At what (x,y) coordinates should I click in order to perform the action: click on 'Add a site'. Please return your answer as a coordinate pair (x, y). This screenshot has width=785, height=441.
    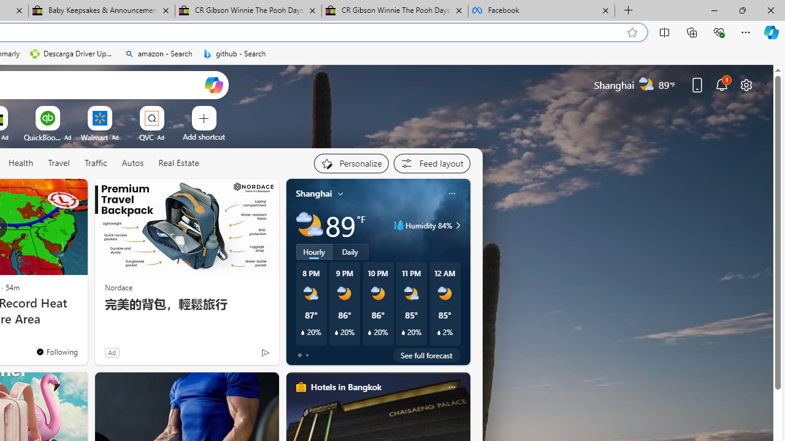
    Looking at the image, I should click on (204, 137).